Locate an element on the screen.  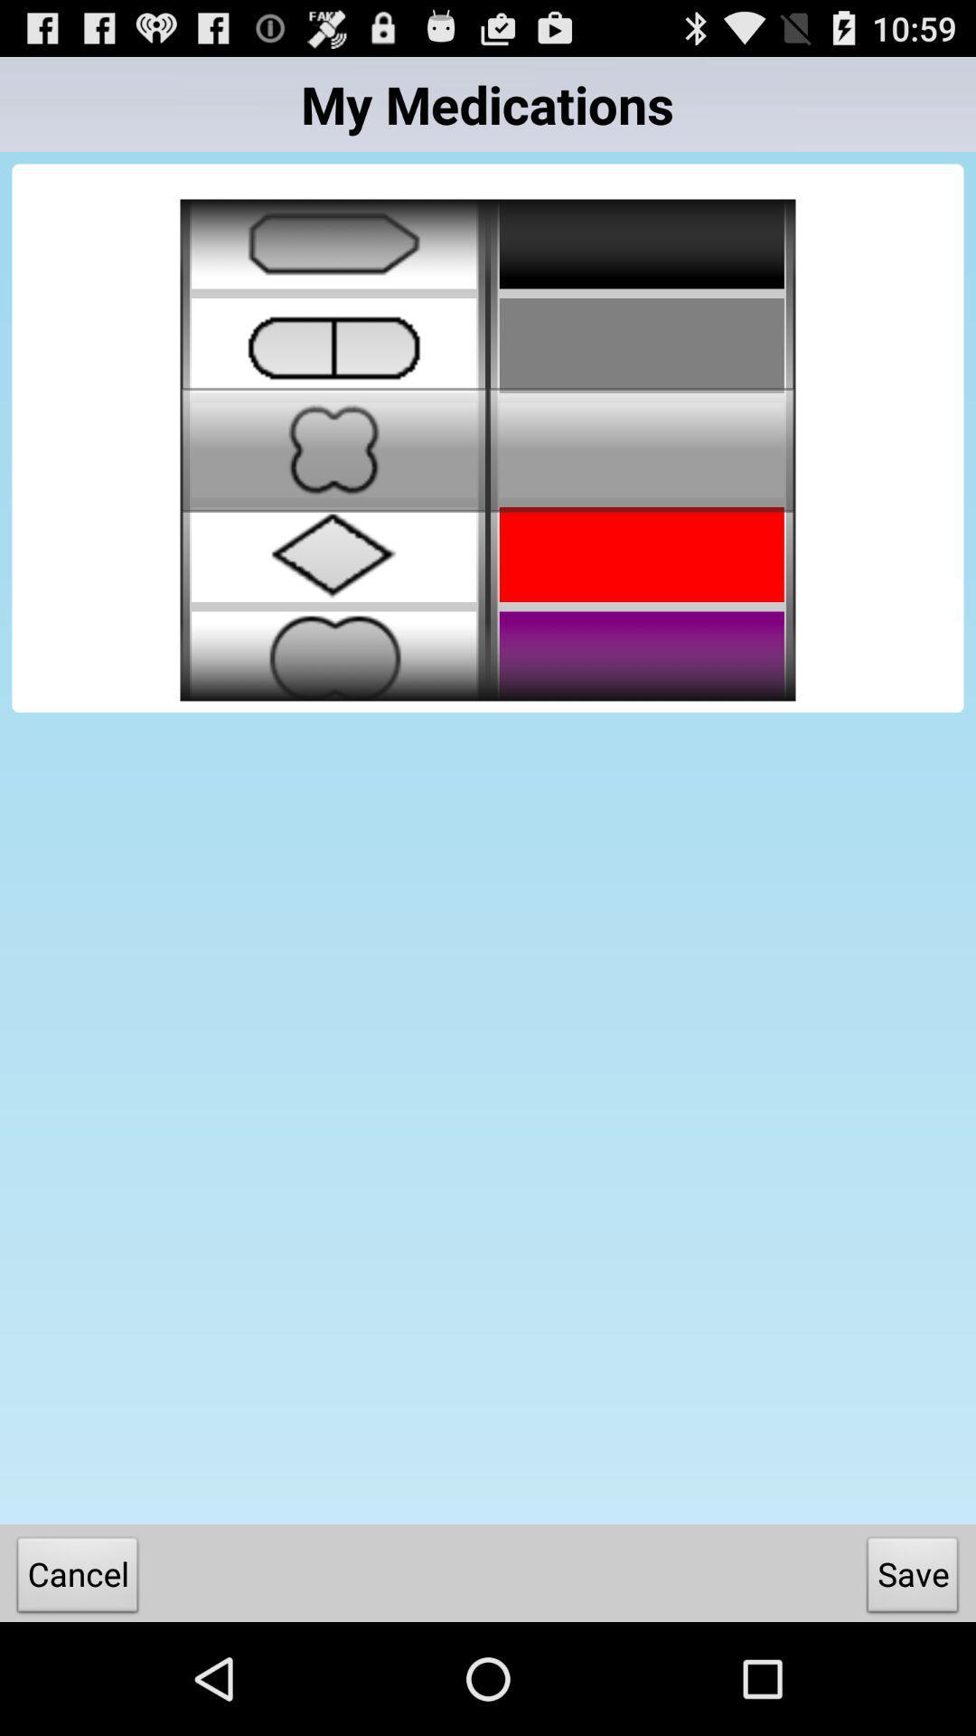
the button at the bottom left corner is located at coordinates (77, 1578).